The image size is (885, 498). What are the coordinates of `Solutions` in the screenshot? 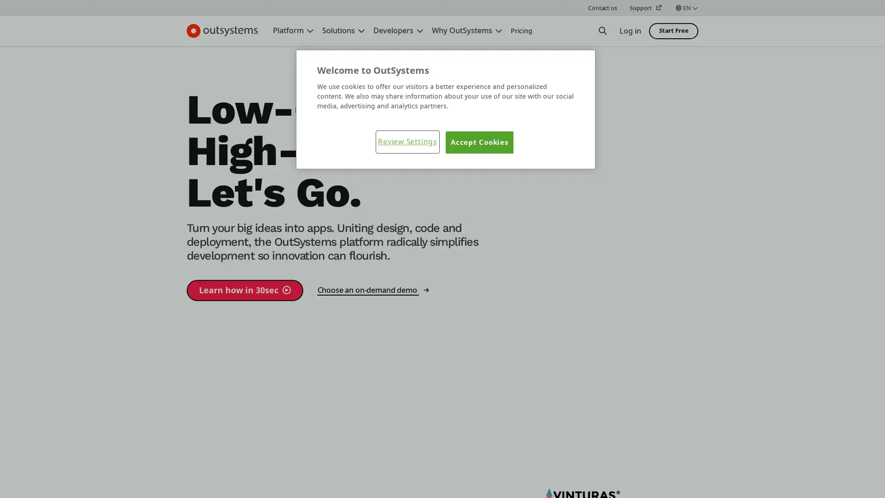 It's located at (342, 30).